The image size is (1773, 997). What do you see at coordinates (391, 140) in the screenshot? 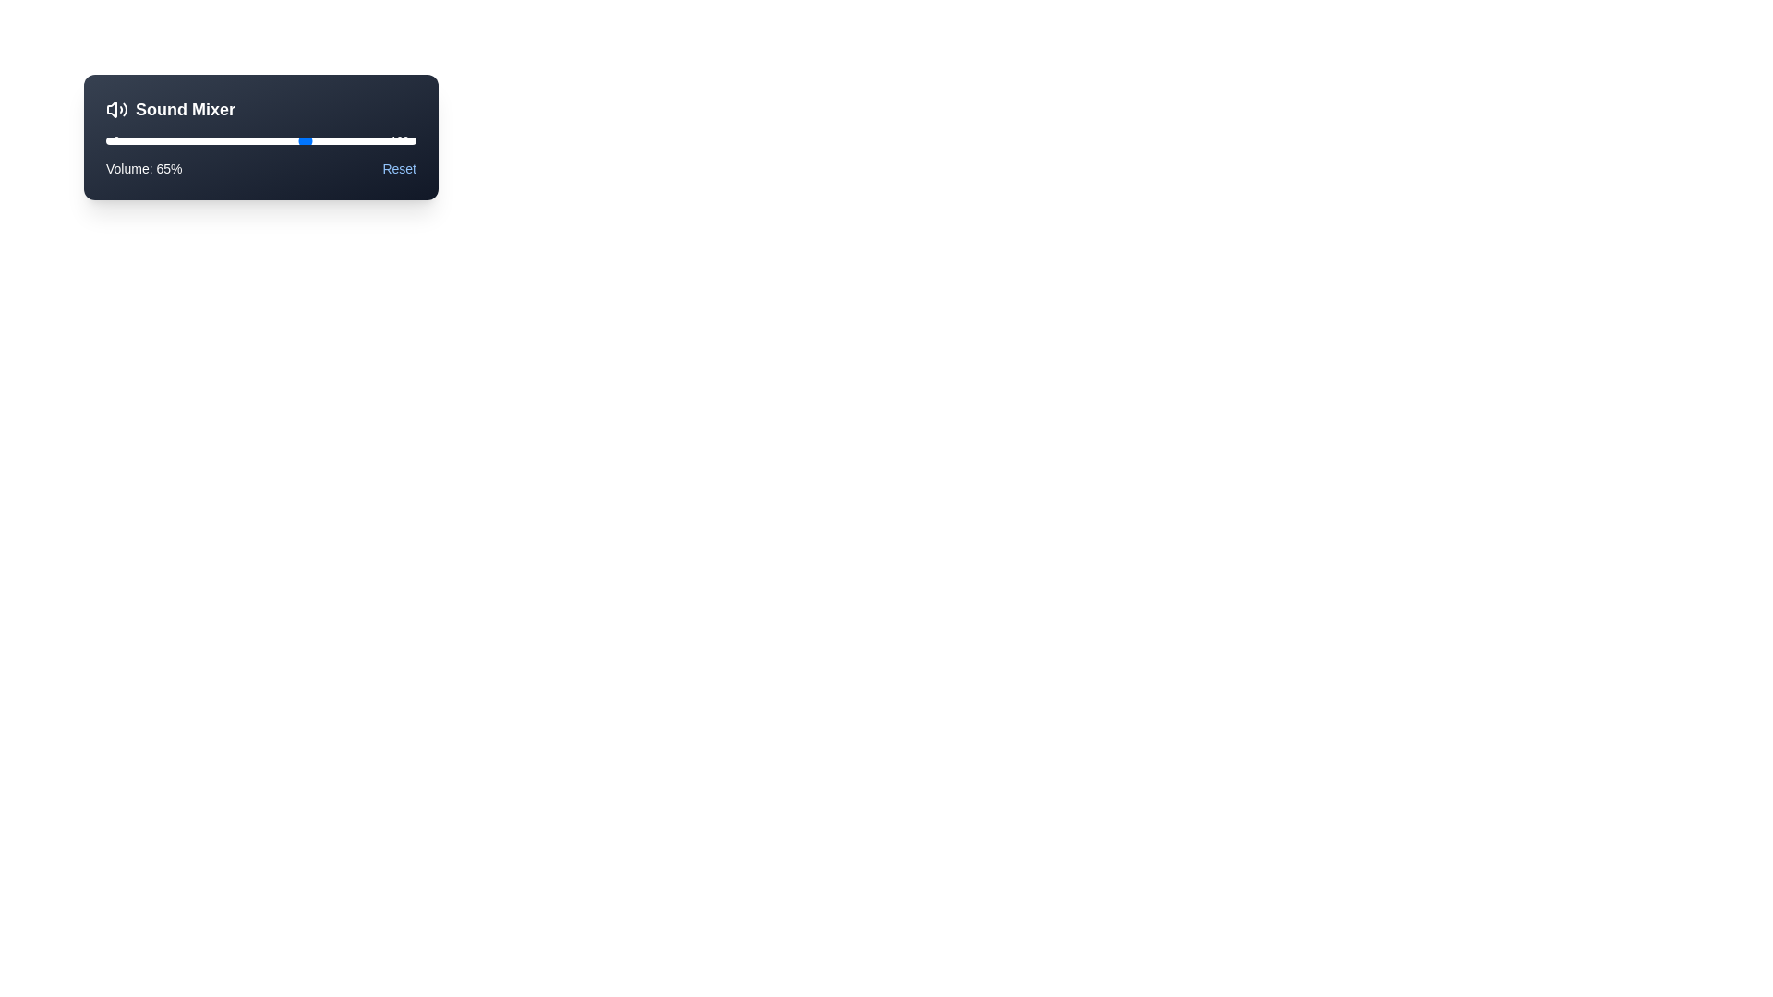
I see `the slider to set the volume to 92%` at bounding box center [391, 140].